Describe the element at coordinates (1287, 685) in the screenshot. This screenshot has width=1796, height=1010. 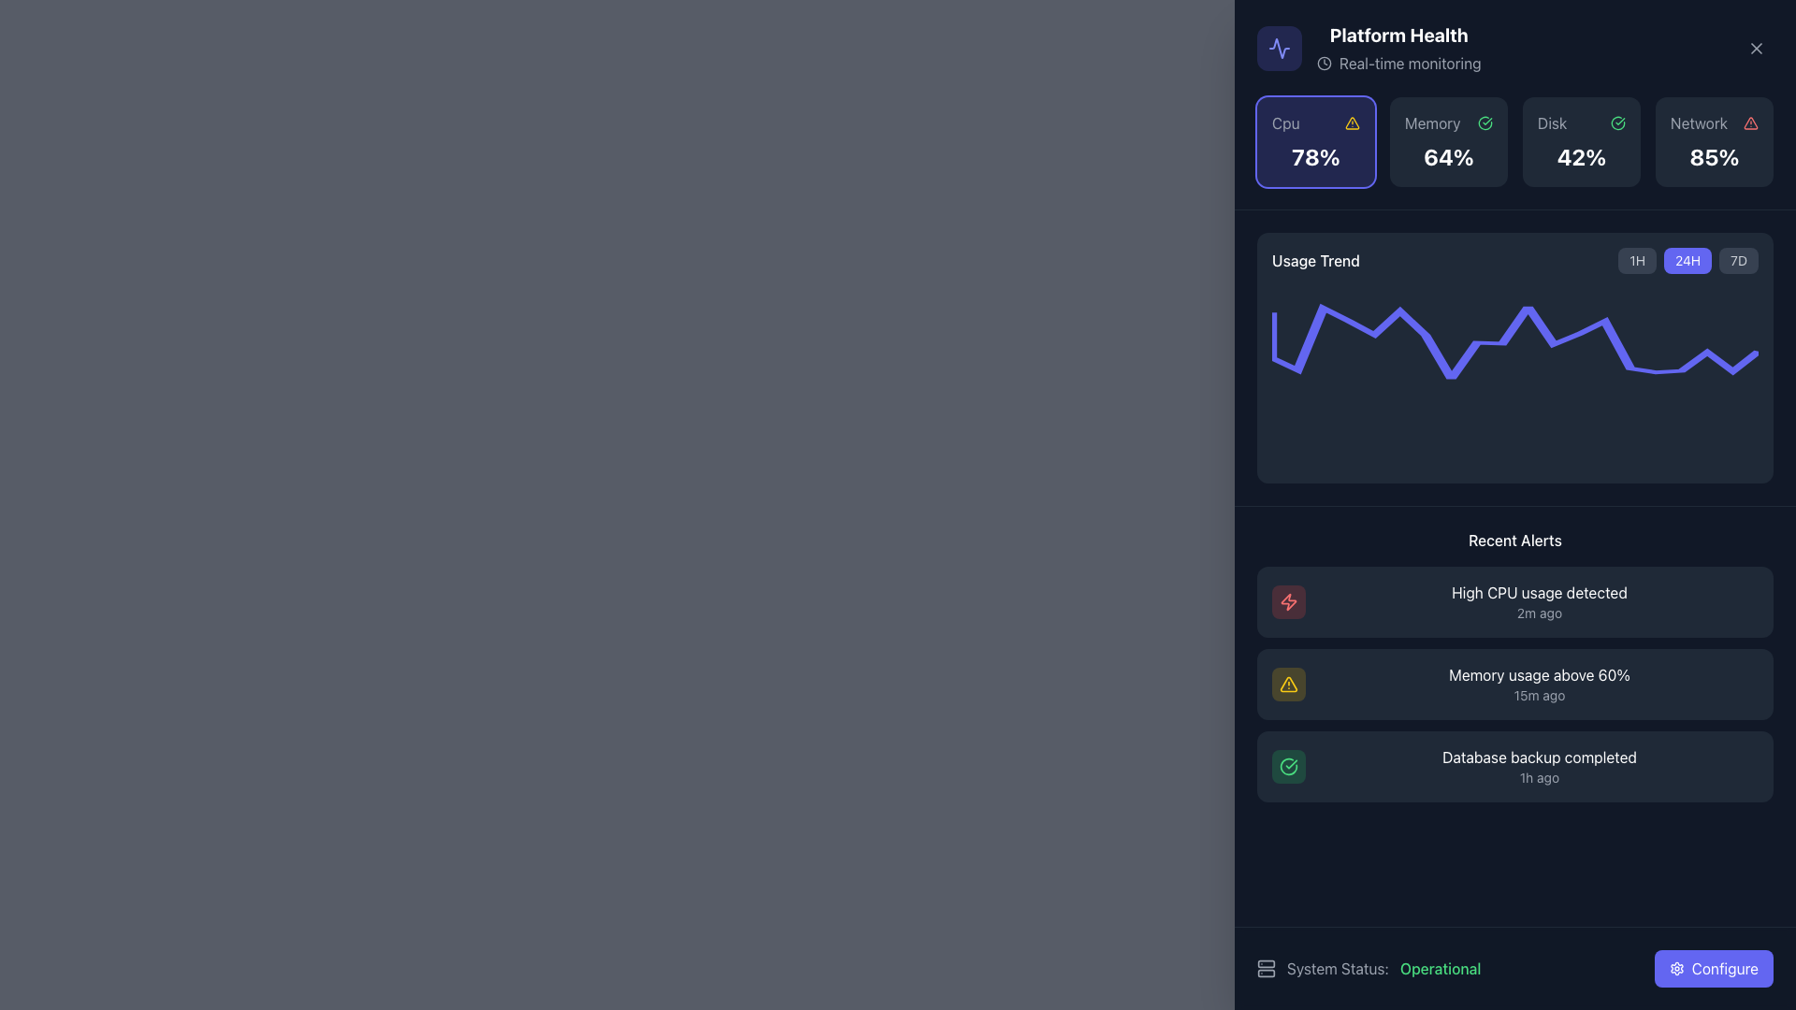
I see `the cautionary warning icon indicating 'Memory usage above 60% 15m ago' located in the second item of the 'Recent Alerts' list in the right panel` at that location.